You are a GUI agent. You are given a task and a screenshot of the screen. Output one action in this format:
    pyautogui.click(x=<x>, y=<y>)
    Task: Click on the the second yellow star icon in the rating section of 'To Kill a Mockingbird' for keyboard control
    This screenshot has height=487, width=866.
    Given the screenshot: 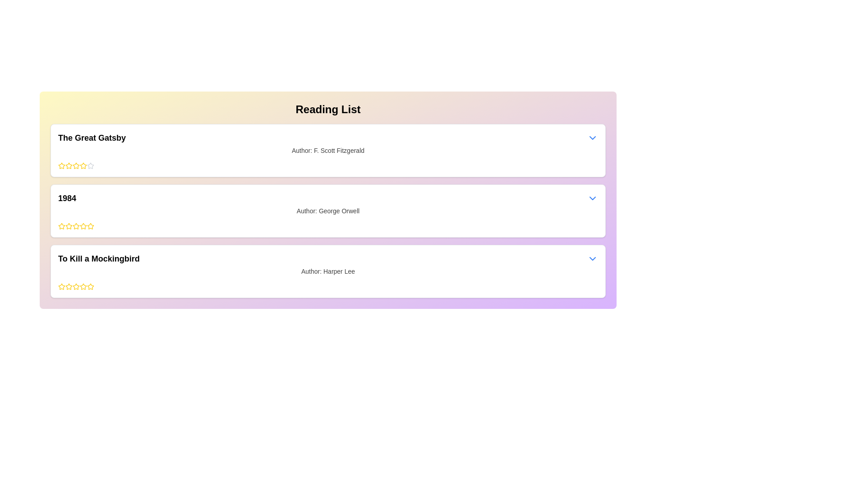 What is the action you would take?
    pyautogui.click(x=91, y=286)
    